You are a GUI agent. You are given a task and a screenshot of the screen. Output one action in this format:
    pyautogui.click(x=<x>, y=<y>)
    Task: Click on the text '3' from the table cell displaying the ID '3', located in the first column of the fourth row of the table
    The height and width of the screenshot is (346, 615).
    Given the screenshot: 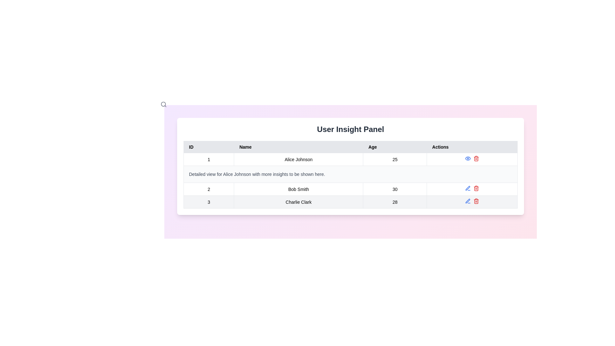 What is the action you would take?
    pyautogui.click(x=209, y=202)
    